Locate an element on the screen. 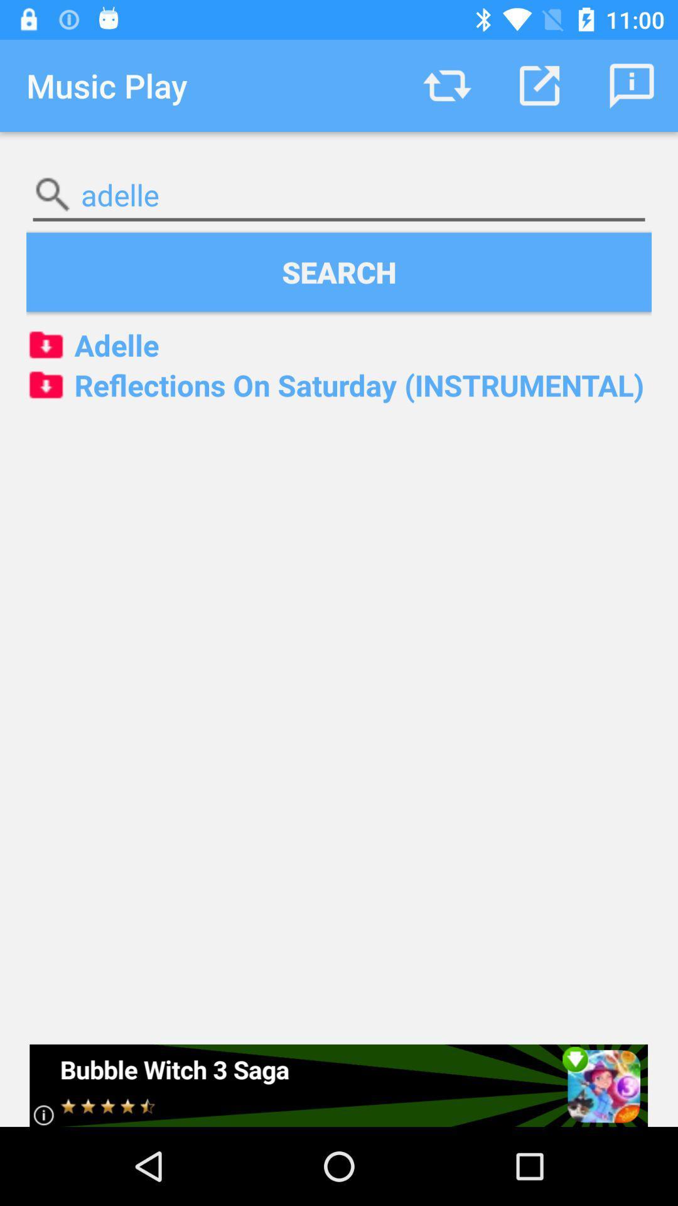  the app next to the music play app is located at coordinates (446, 85).